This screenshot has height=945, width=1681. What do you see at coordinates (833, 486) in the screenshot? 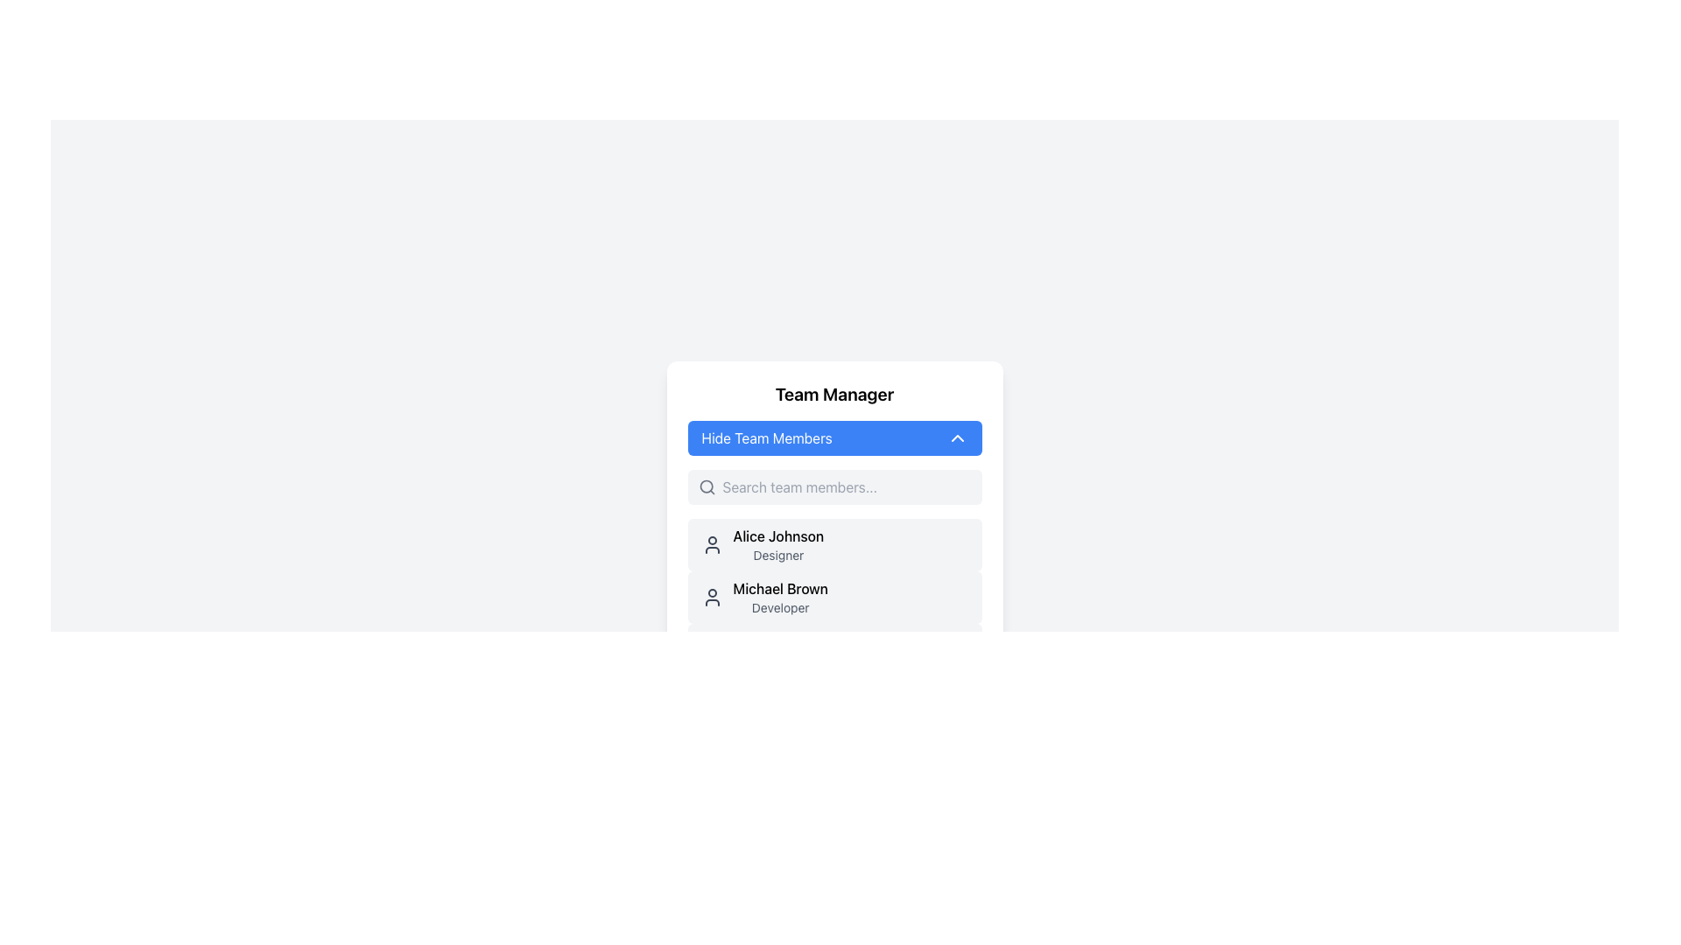
I see `the text input field located below the 'Hide Team Members' button in the 'Team Manager' section to filter the team members list` at bounding box center [833, 486].